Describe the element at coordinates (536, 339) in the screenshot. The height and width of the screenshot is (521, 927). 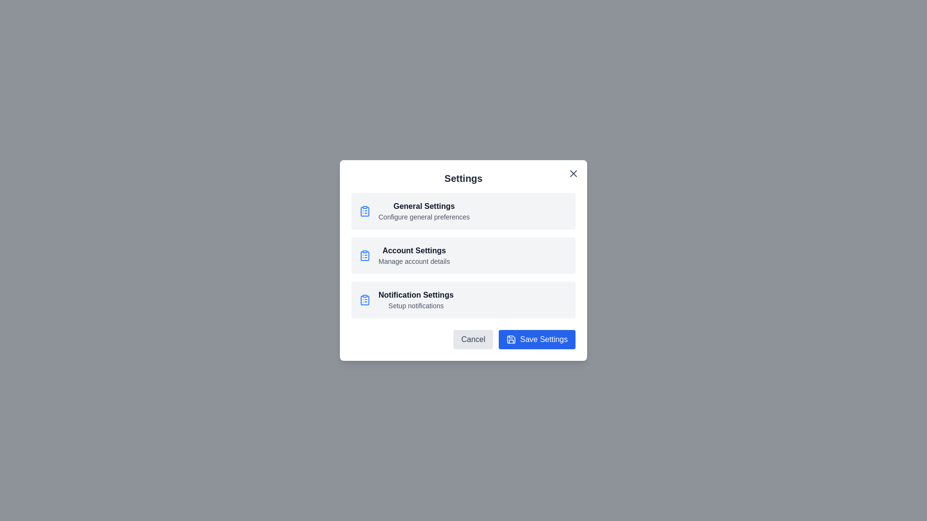
I see `the 'Save Settings' button, which is a rectangular button with rounded corners, vibrant blue background, and white text, located to the right of the 'Cancel' button in the bottom-right of the modal dialog` at that location.